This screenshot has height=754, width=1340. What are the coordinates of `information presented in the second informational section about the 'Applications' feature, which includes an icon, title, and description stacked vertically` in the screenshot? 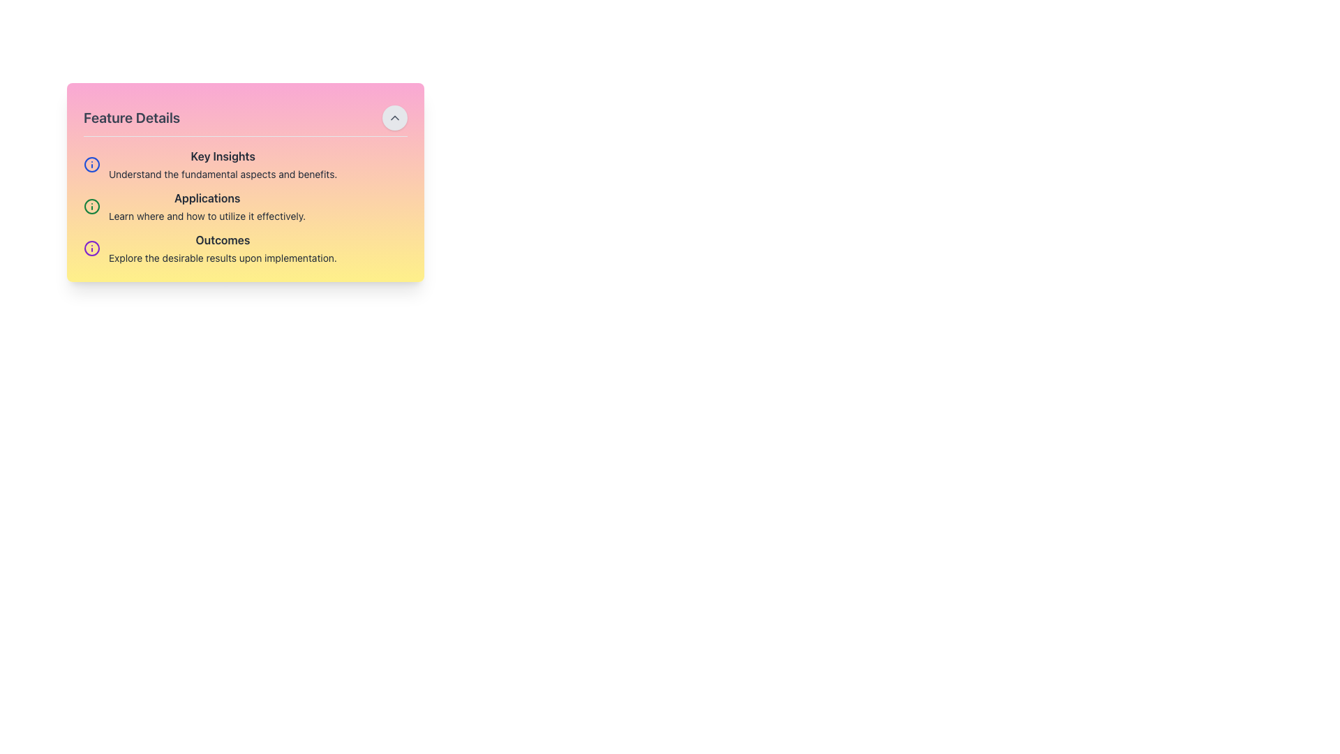 It's located at (245, 207).